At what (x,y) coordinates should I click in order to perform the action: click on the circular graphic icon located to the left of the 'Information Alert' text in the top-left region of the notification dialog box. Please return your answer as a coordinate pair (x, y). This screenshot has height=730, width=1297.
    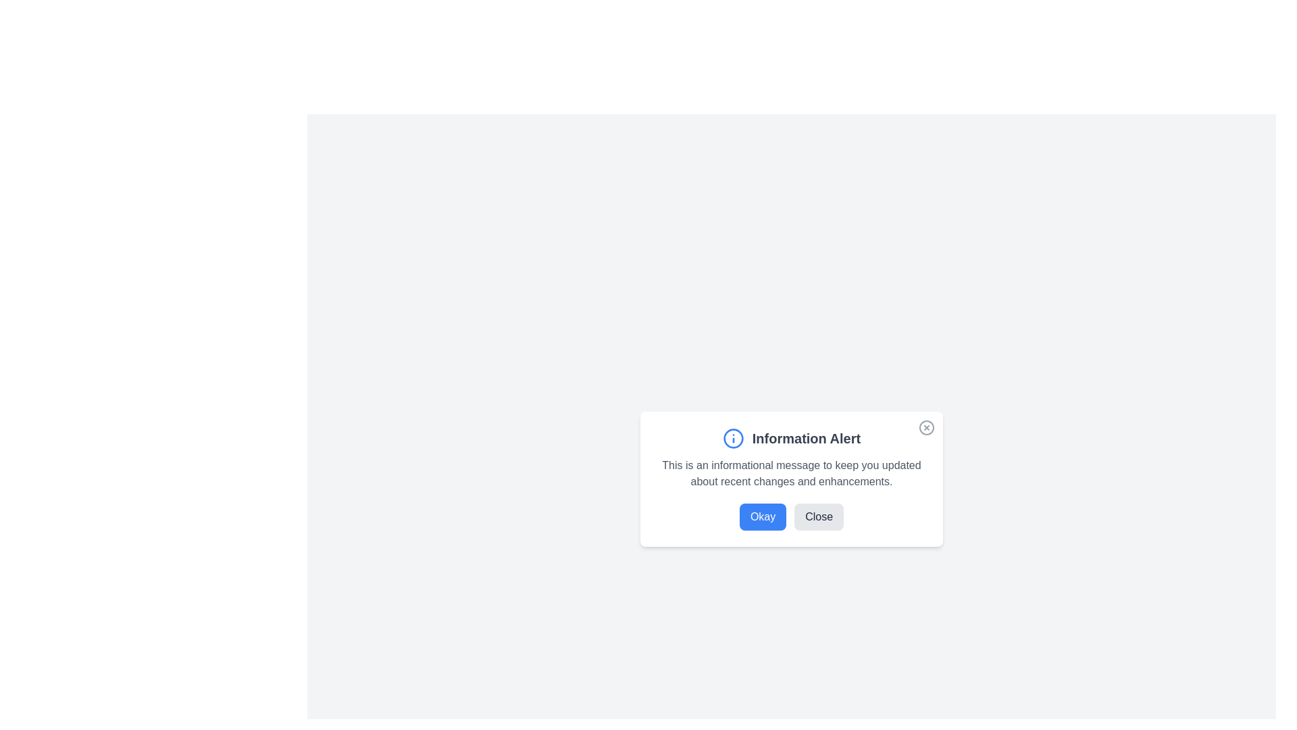
    Looking at the image, I should click on (732, 438).